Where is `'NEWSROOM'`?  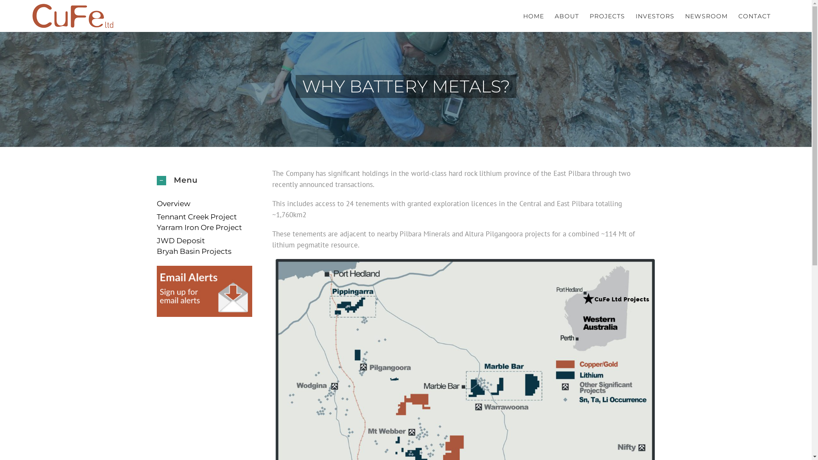 'NEWSROOM' is located at coordinates (685, 16).